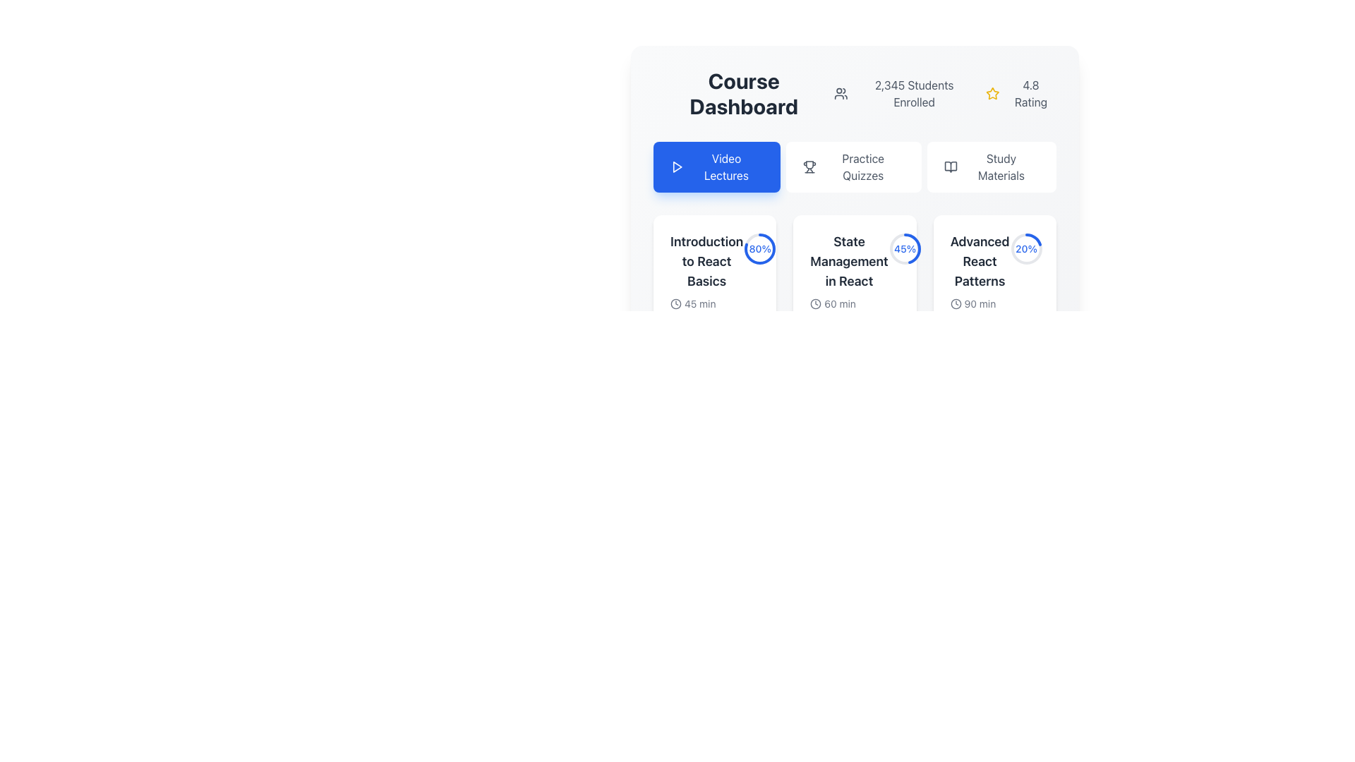 The image size is (1355, 762). I want to click on the 'Study Materials' button, which is a rectangular button with a white background and dark gray text, located in the top right portion of the 'Course Dashboard', so click(991, 166).